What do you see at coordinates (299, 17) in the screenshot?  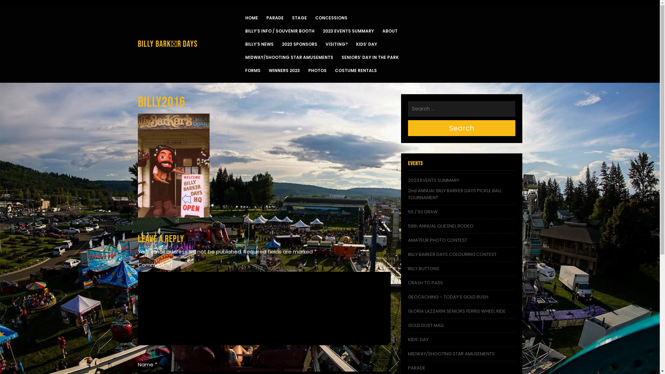 I see `'STAGE'` at bounding box center [299, 17].